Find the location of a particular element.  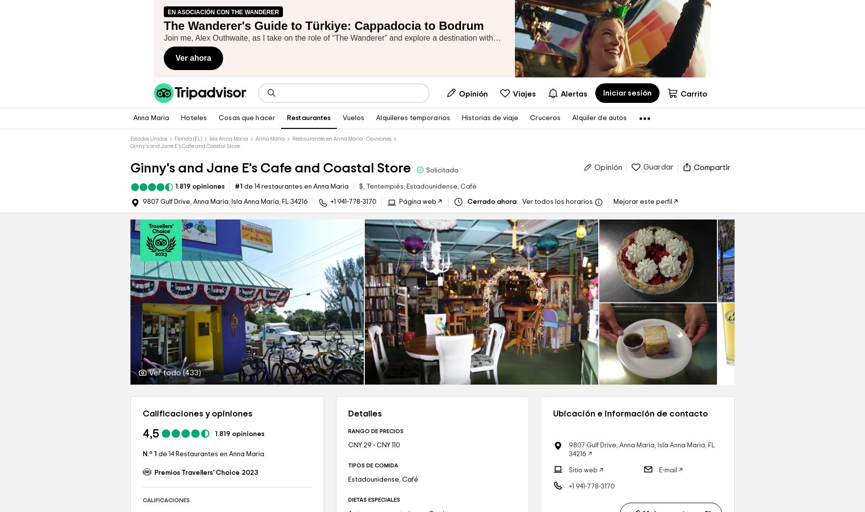

'RANGO DE PRECIOS' is located at coordinates (375, 431).